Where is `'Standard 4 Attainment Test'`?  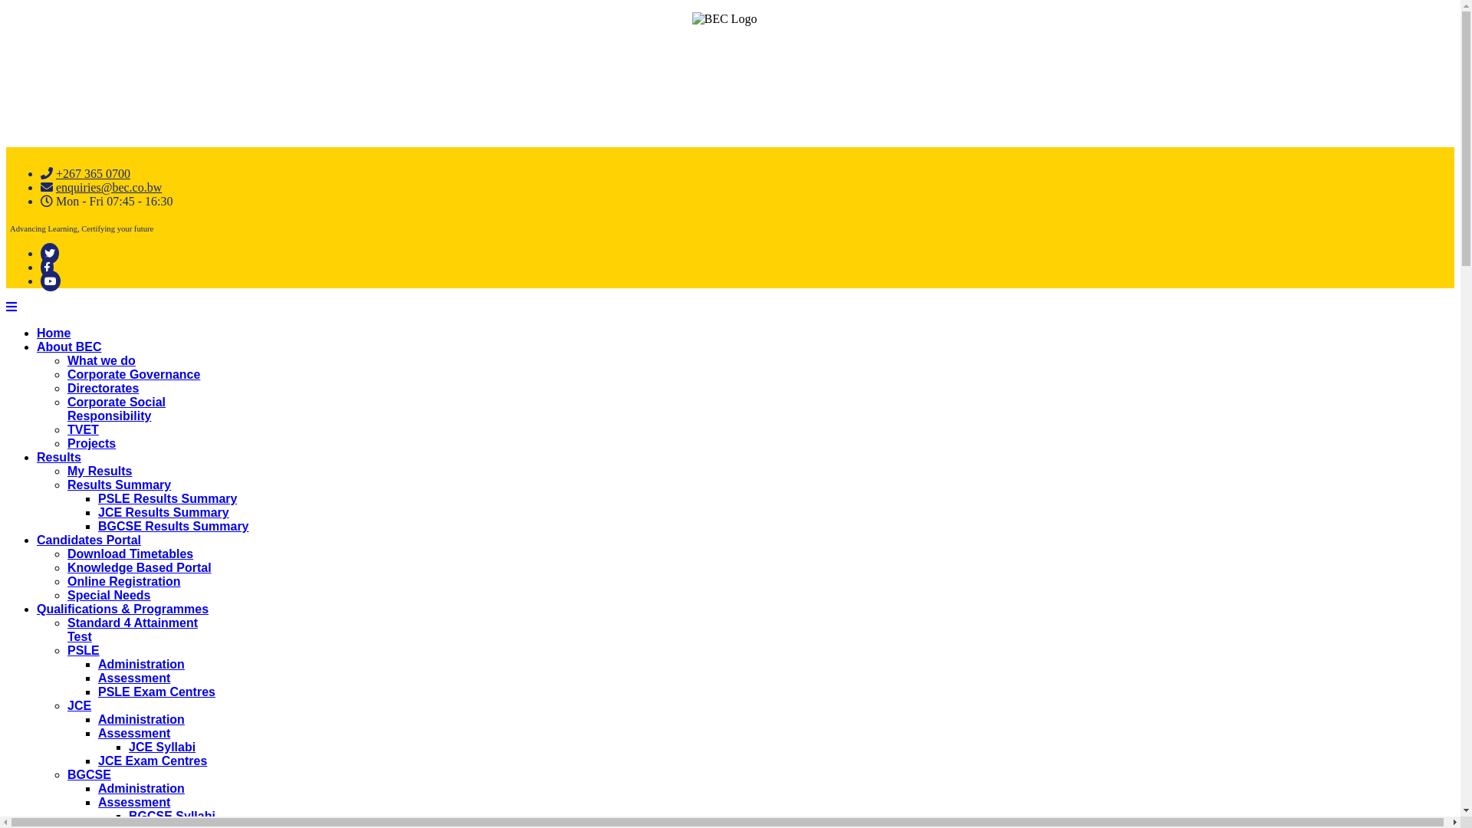 'Standard 4 Attainment Test' is located at coordinates (132, 629).